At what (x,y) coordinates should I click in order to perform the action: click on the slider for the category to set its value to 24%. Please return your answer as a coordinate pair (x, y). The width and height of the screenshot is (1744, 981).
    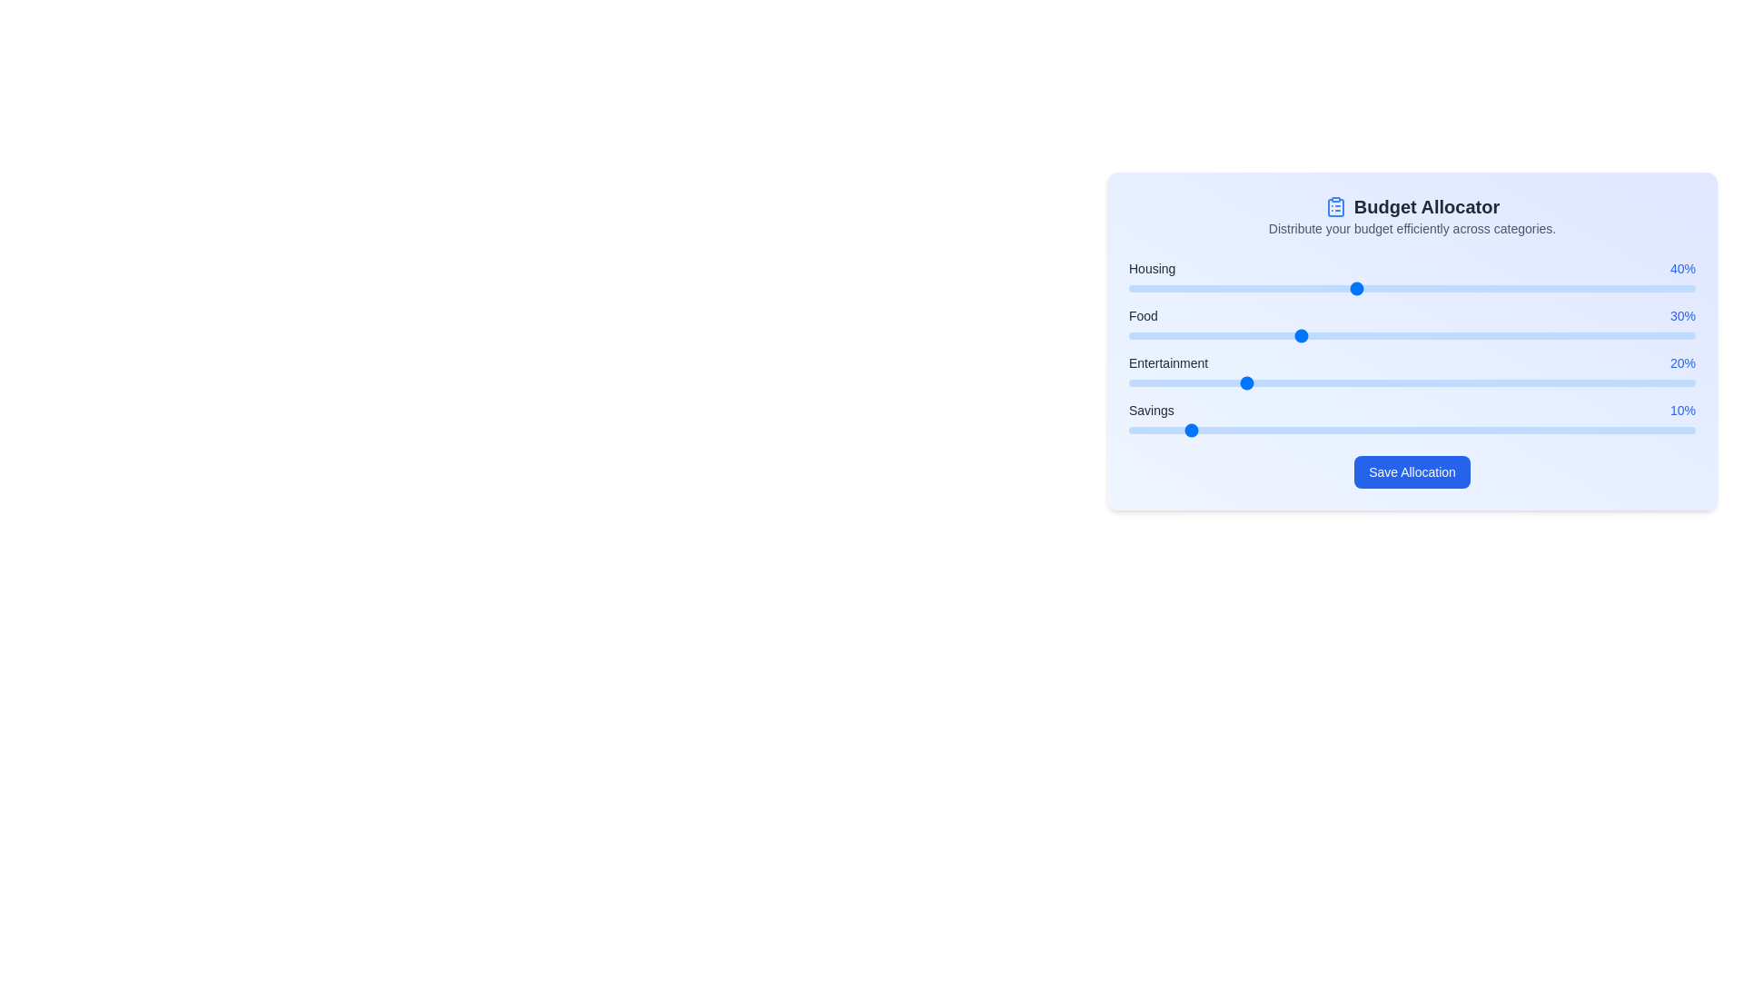
    Looking at the image, I should click on (1263, 287).